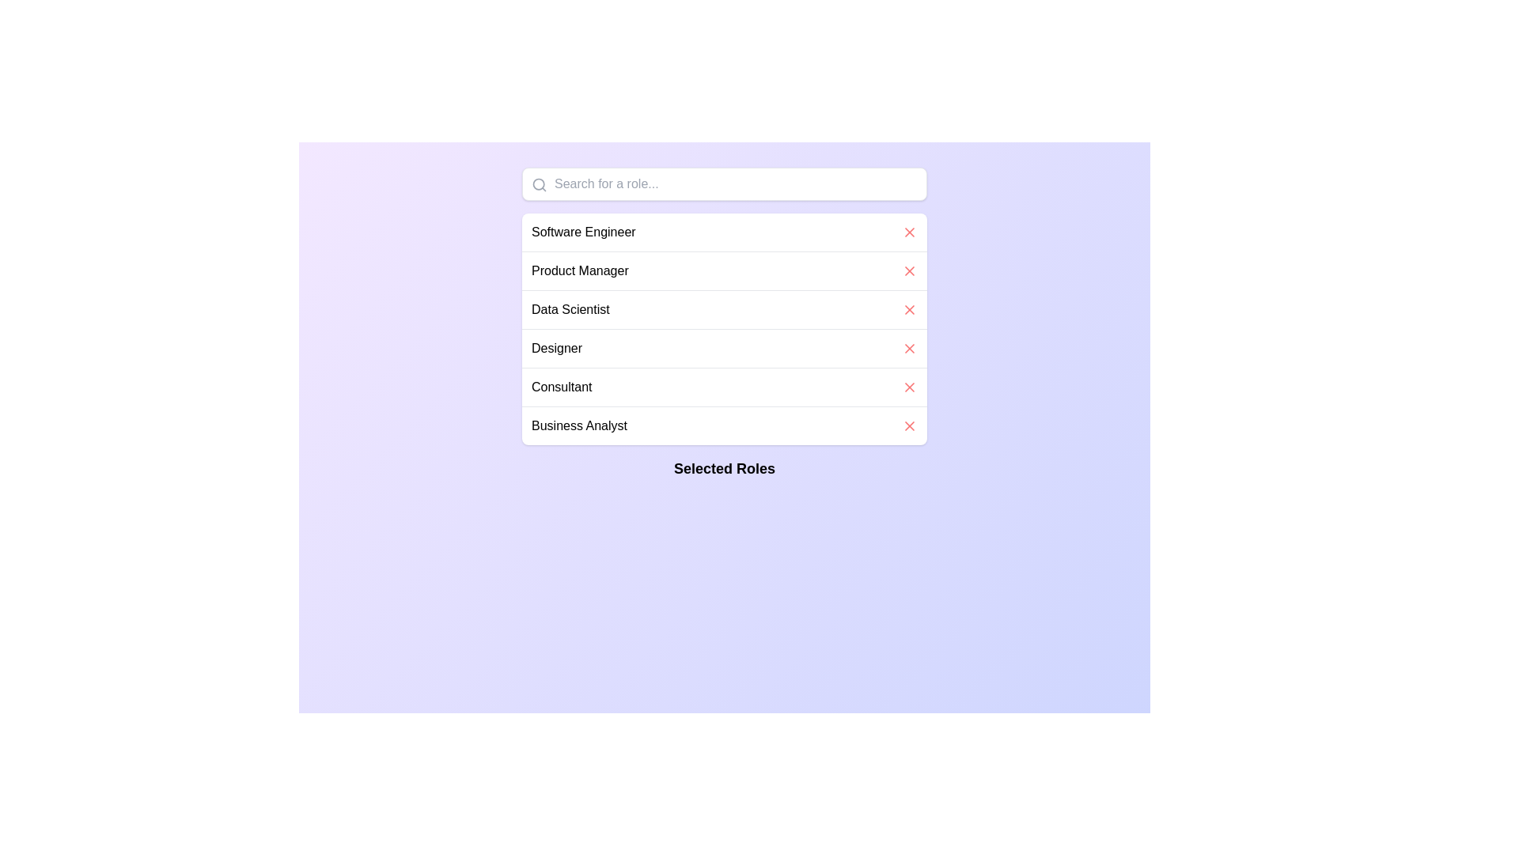 The height and width of the screenshot is (854, 1519). What do you see at coordinates (910, 232) in the screenshot?
I see `the delete icon located on the right side of the 'Software Engineer' entry in the list` at bounding box center [910, 232].